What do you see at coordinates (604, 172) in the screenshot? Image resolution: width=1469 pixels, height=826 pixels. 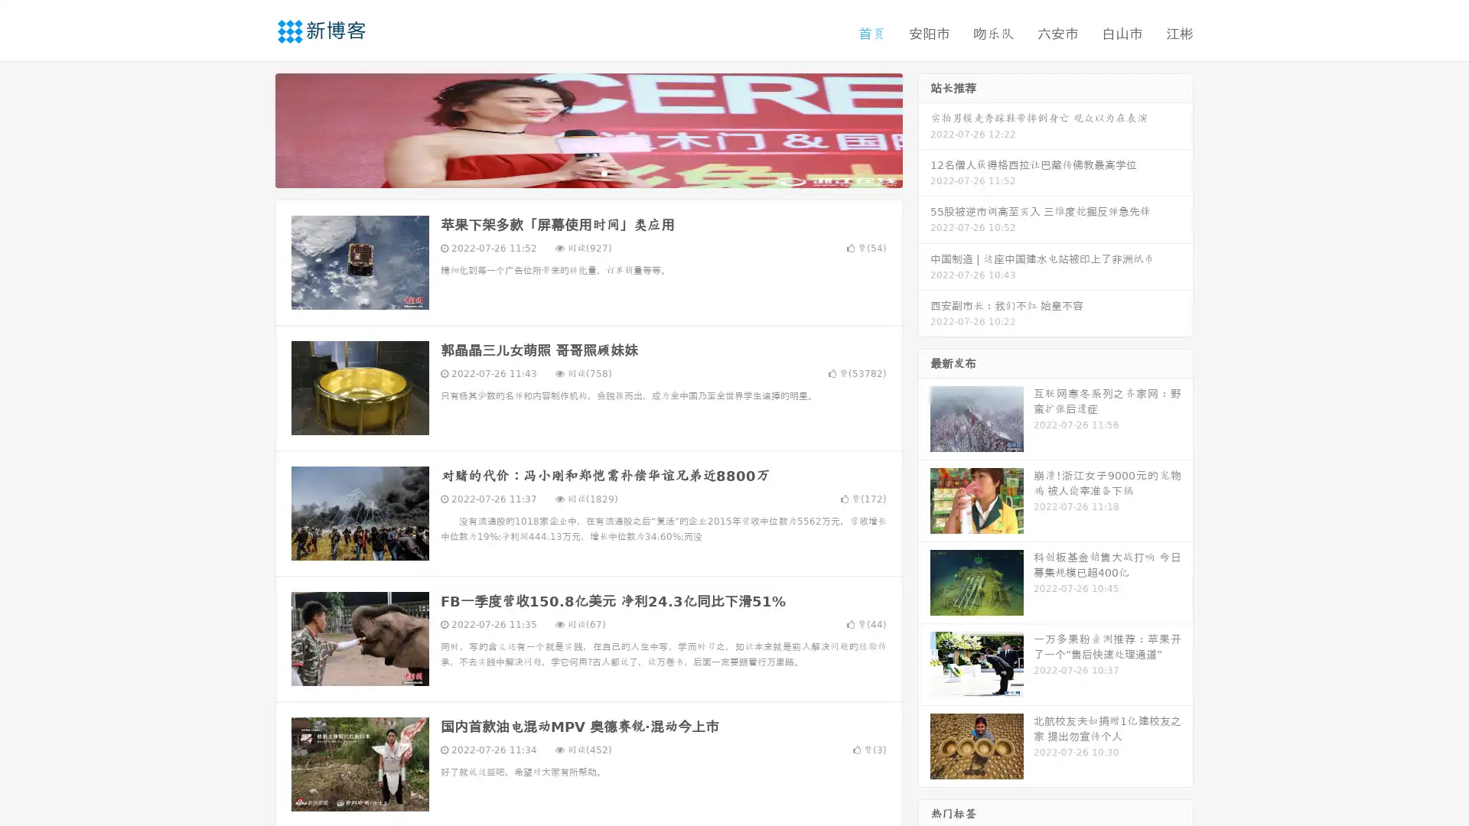 I see `Go to slide 3` at bounding box center [604, 172].